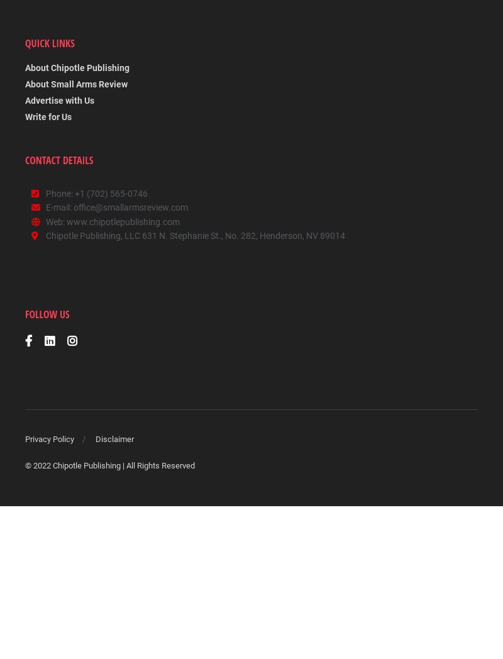  Describe the element at coordinates (25, 69) in the screenshot. I see `'About Chipotle Publishing'` at that location.